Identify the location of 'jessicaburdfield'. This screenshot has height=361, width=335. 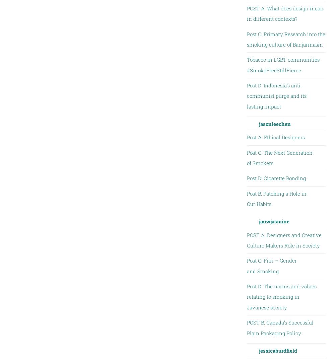
(277, 350).